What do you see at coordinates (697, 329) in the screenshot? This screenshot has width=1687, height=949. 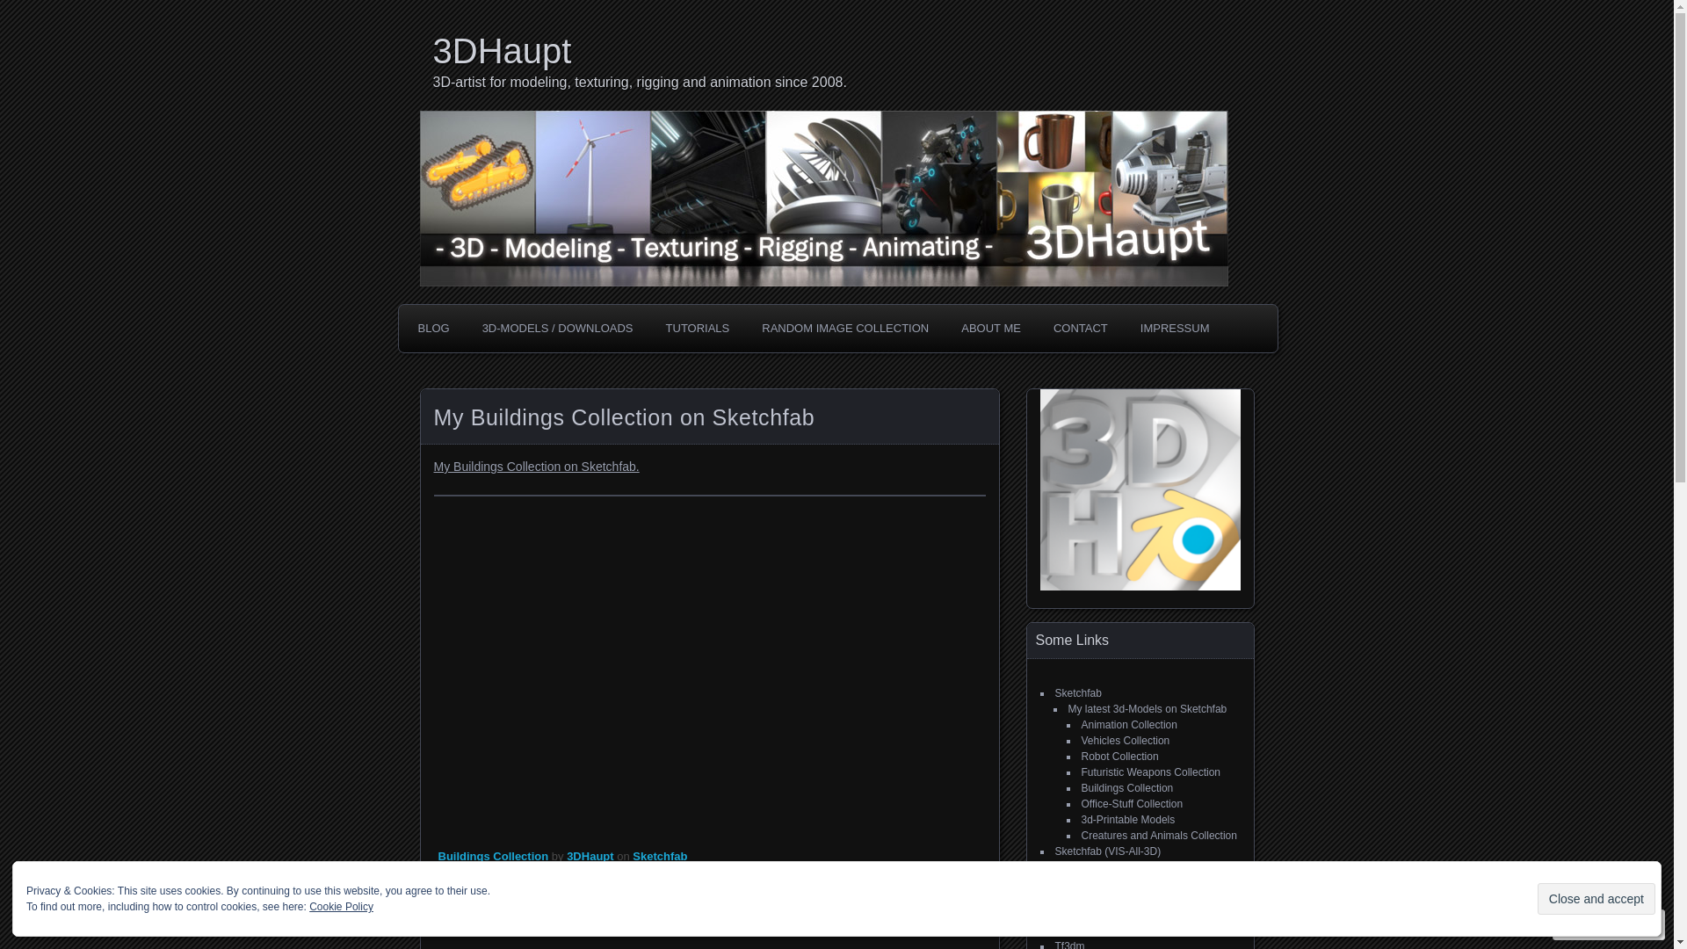 I see `'TUTORIALS'` at bounding box center [697, 329].